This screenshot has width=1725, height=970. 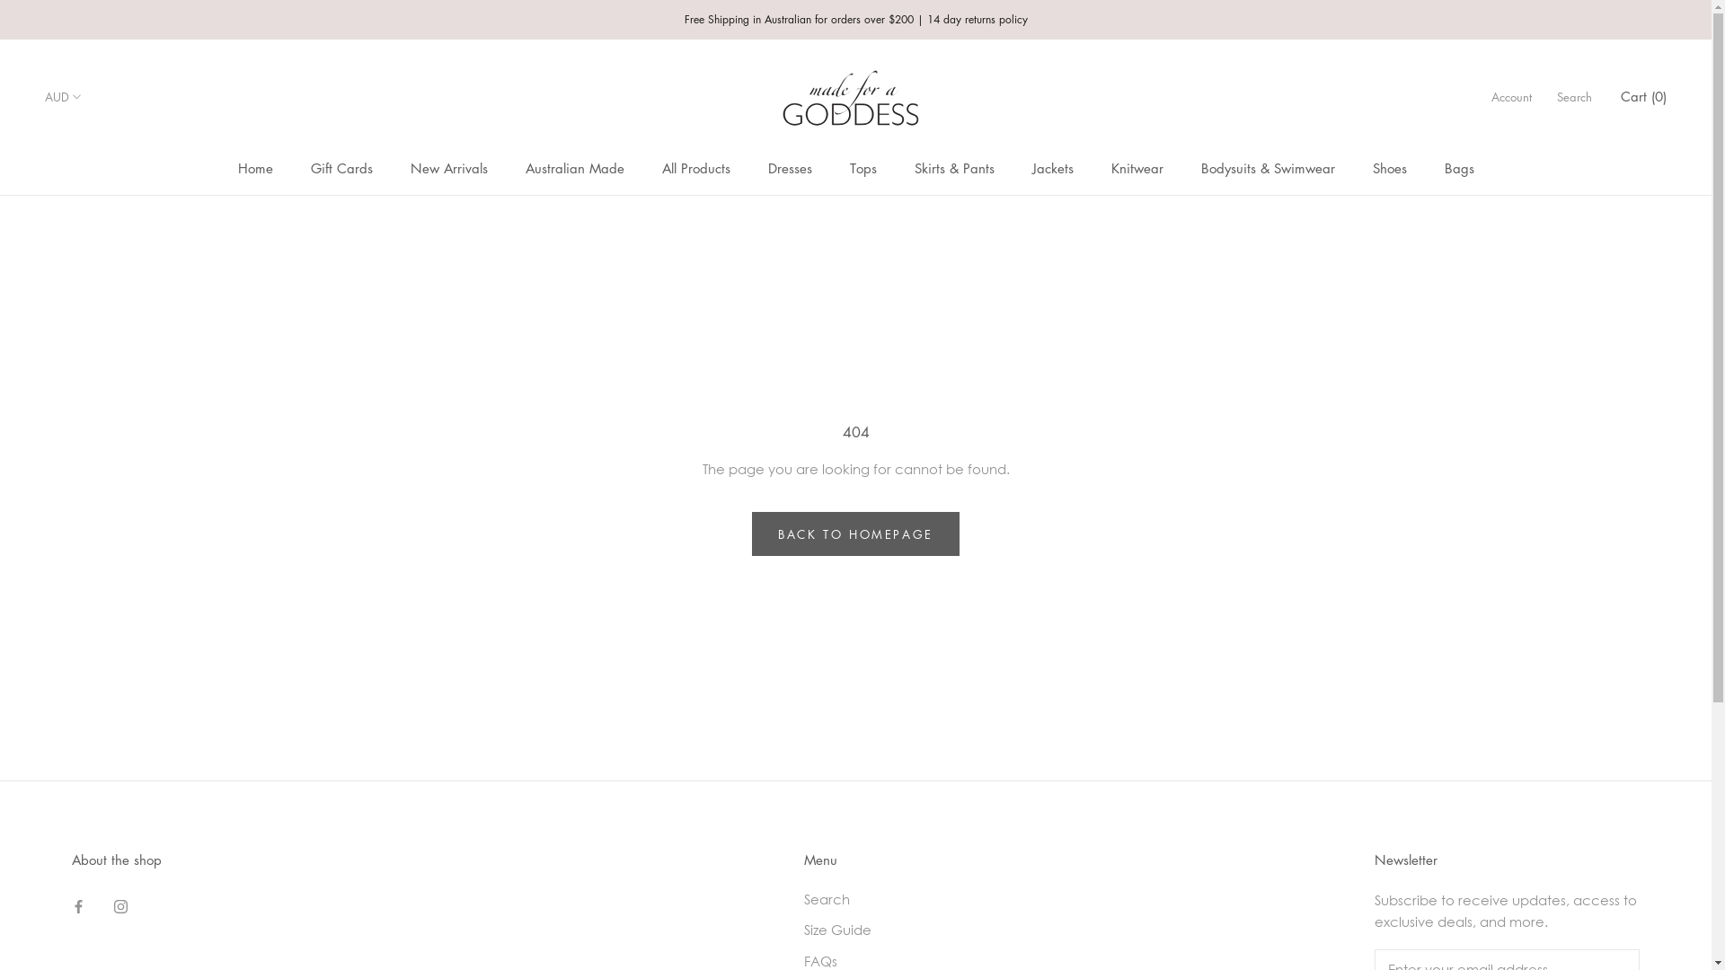 I want to click on 'Bags, so click(x=1459, y=167).